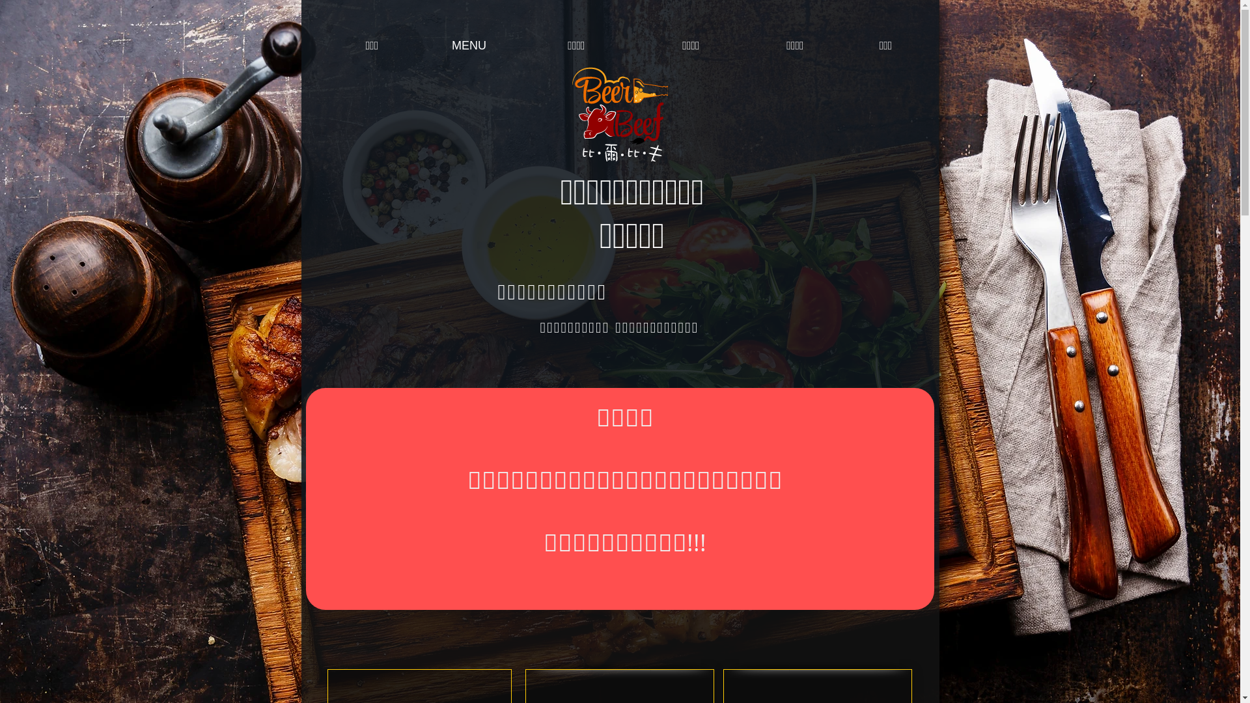 Image resolution: width=1250 pixels, height=703 pixels. Describe the element at coordinates (424, 45) in the screenshot. I see `'MENU'` at that location.